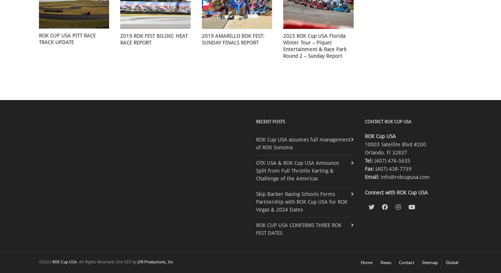 The height and width of the screenshot is (273, 501). I want to click on '(407) 438-7739', so click(392, 169).